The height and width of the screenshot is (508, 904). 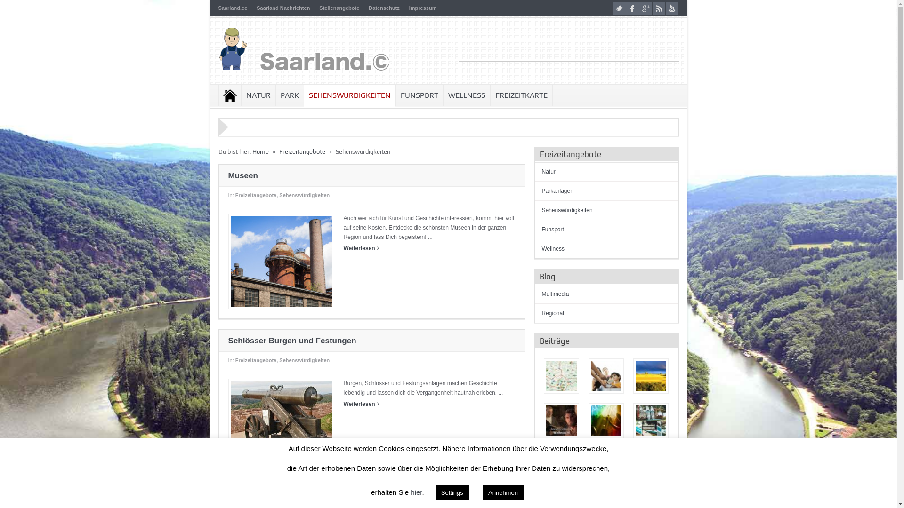 I want to click on 'Multimedia', so click(x=555, y=293).